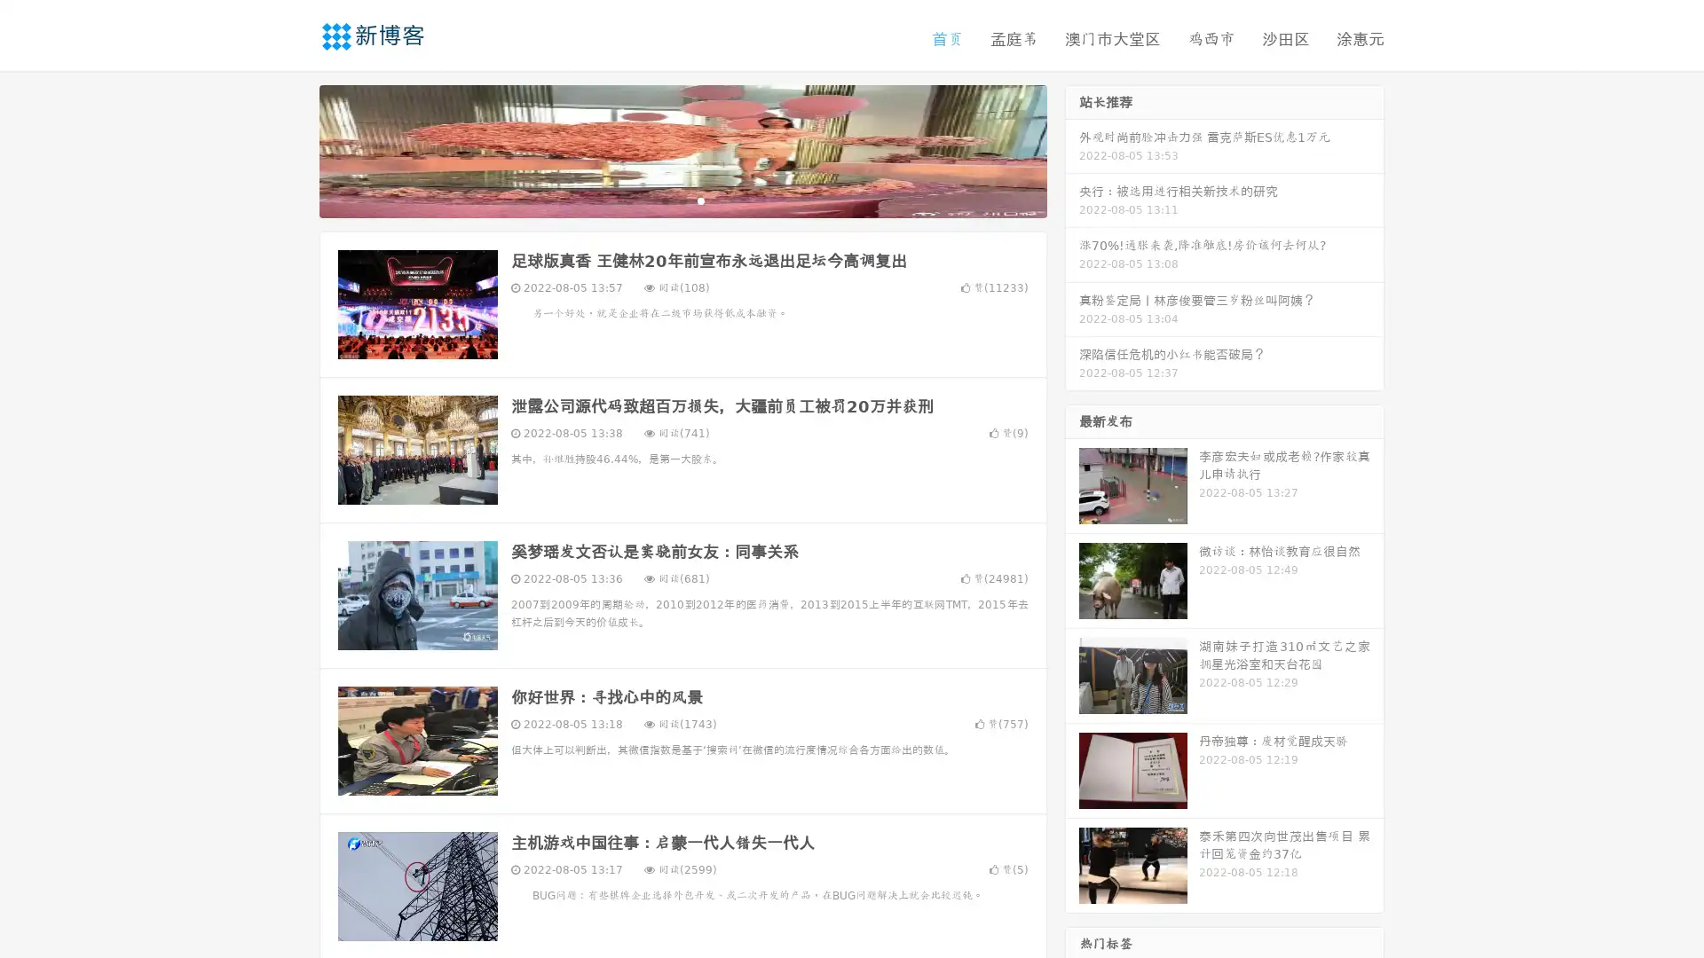 This screenshot has height=958, width=1704. Describe the element at coordinates (293, 149) in the screenshot. I see `Previous slide` at that location.